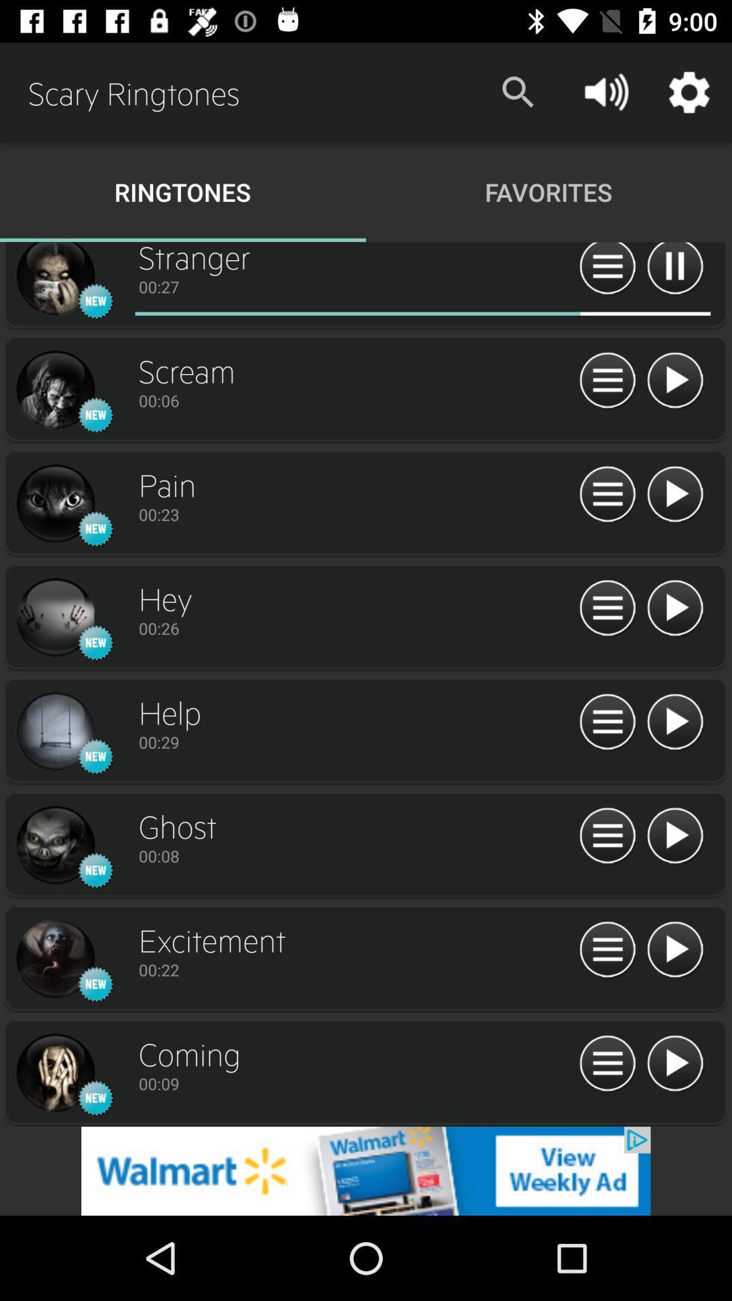 Image resolution: width=732 pixels, height=1301 pixels. Describe the element at coordinates (607, 722) in the screenshot. I see `open more info on ringtone` at that location.